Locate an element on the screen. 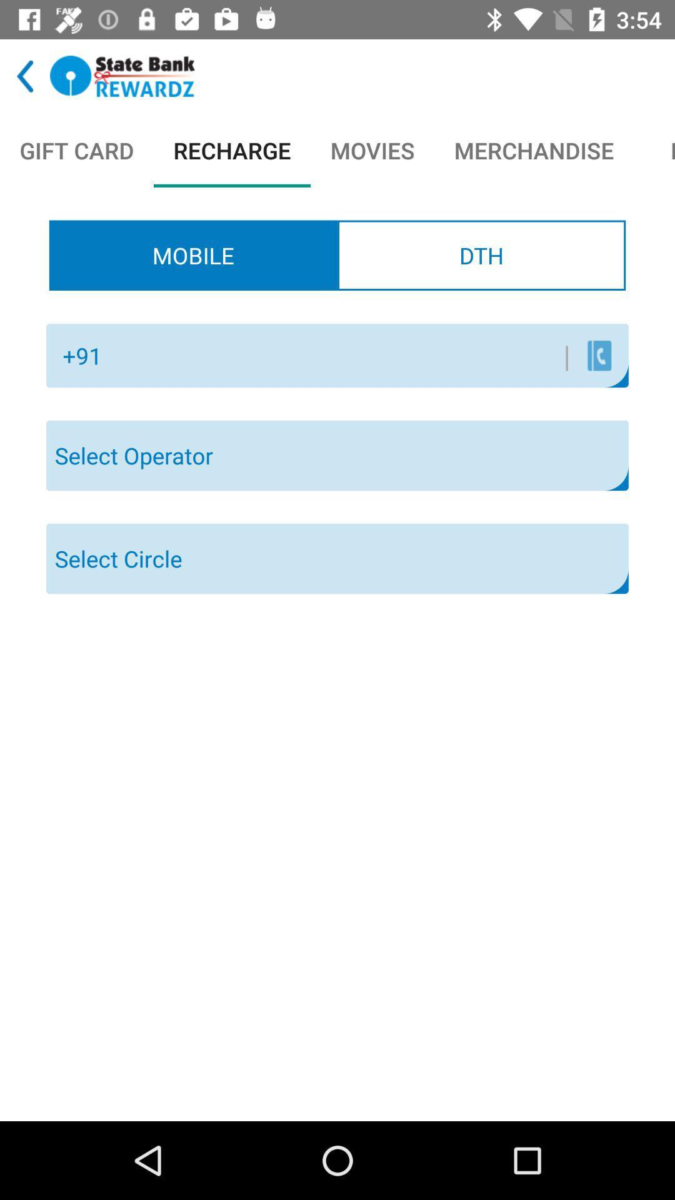  the item below the dth is located at coordinates (599, 355).